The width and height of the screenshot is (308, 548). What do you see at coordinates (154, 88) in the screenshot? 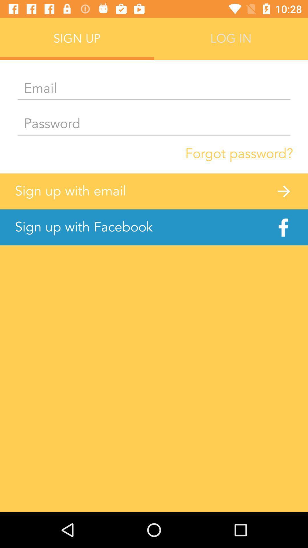
I see `email` at bounding box center [154, 88].